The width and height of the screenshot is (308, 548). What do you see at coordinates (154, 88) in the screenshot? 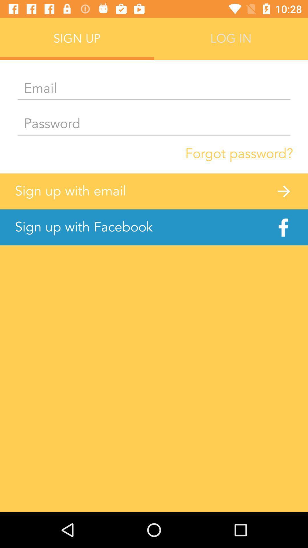
I see `email` at bounding box center [154, 88].